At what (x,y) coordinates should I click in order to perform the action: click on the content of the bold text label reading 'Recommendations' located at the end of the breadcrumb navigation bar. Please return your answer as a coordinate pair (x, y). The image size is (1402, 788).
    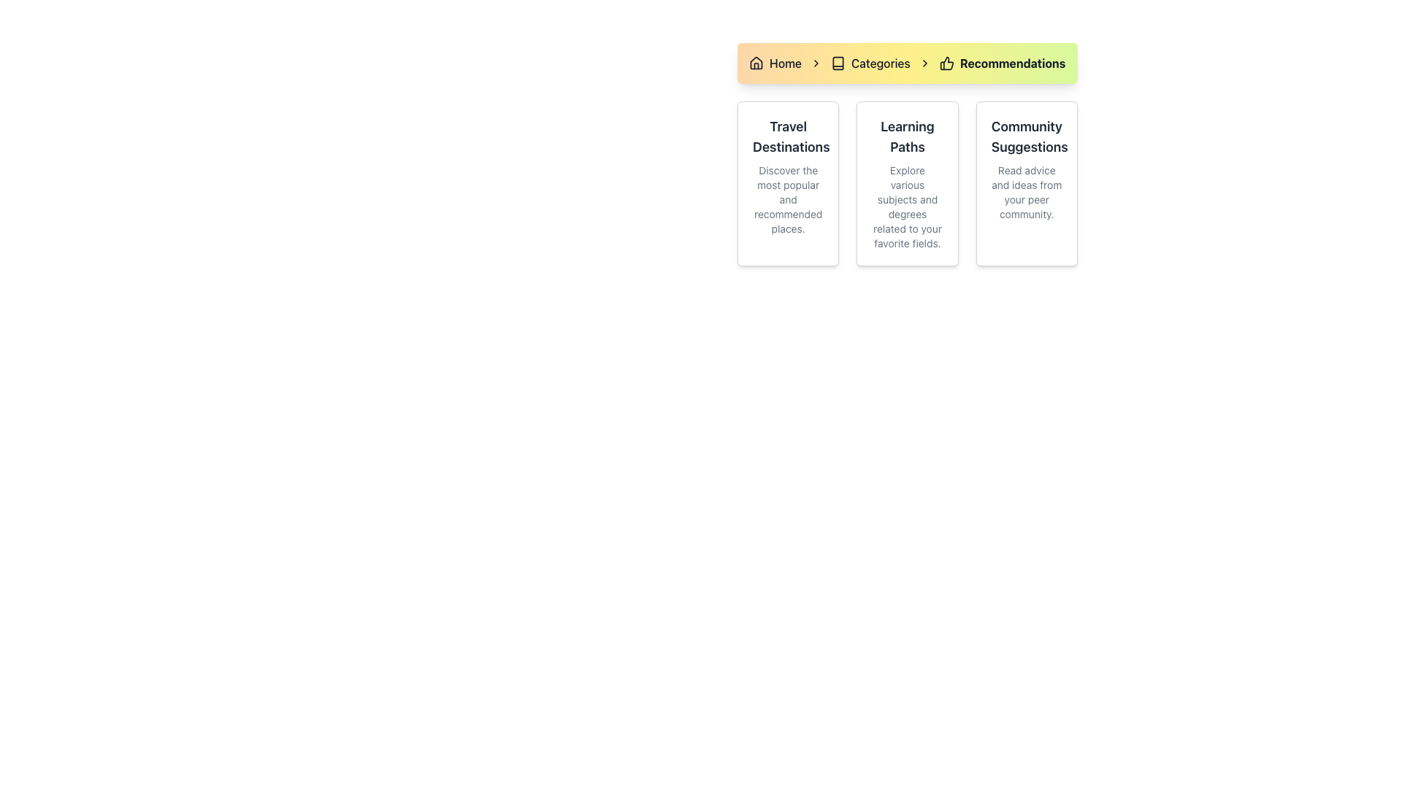
    Looking at the image, I should click on (1012, 63).